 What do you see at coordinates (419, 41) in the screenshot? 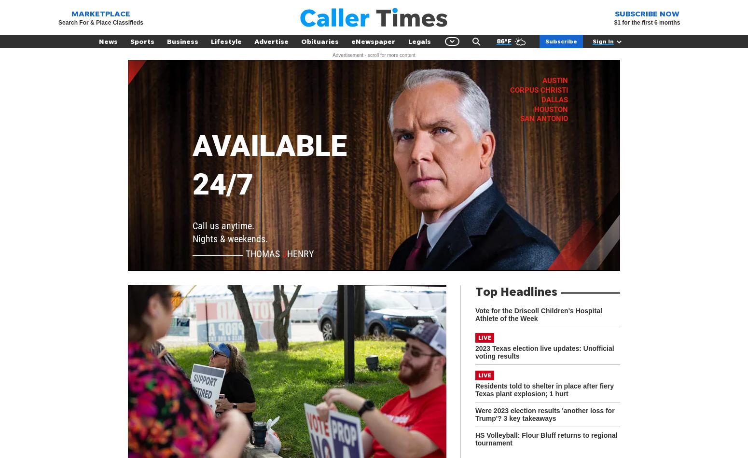
I see `'Legals'` at bounding box center [419, 41].